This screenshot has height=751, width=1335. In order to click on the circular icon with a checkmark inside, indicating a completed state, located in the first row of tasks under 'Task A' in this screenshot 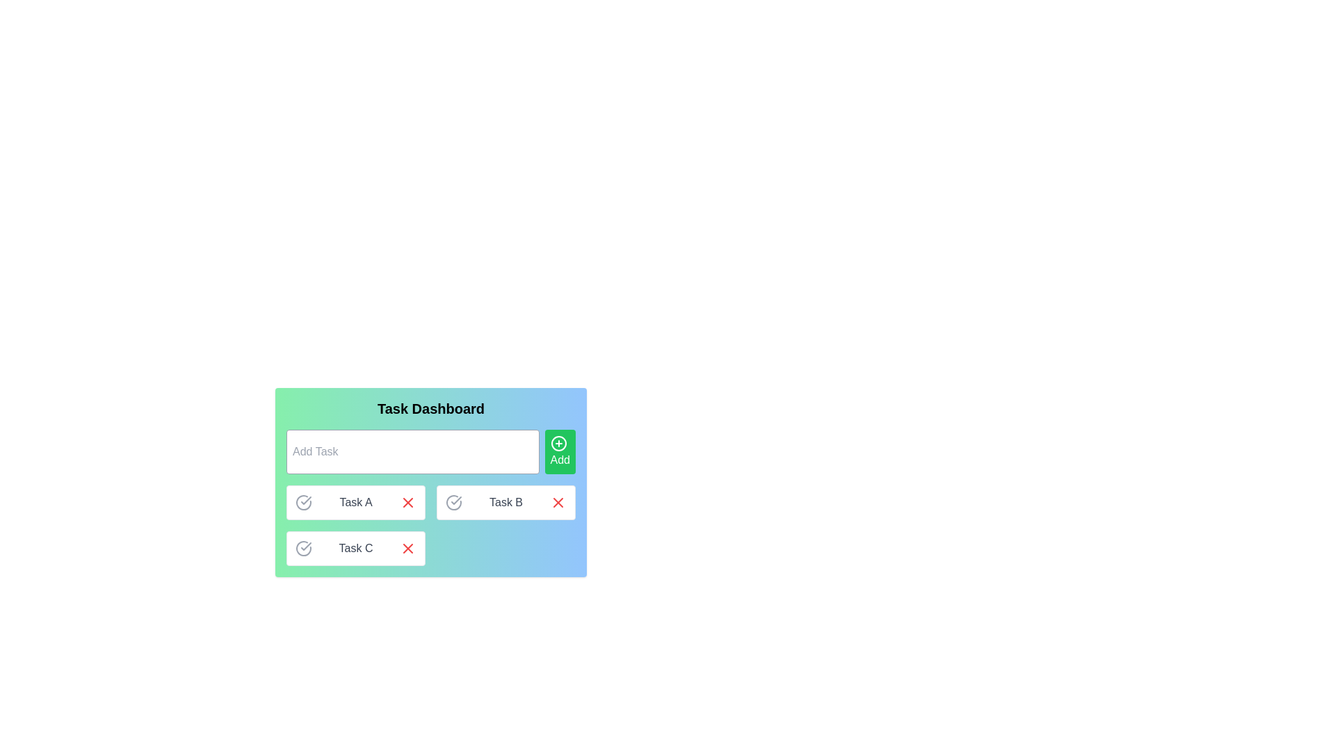, I will do `click(302, 502)`.